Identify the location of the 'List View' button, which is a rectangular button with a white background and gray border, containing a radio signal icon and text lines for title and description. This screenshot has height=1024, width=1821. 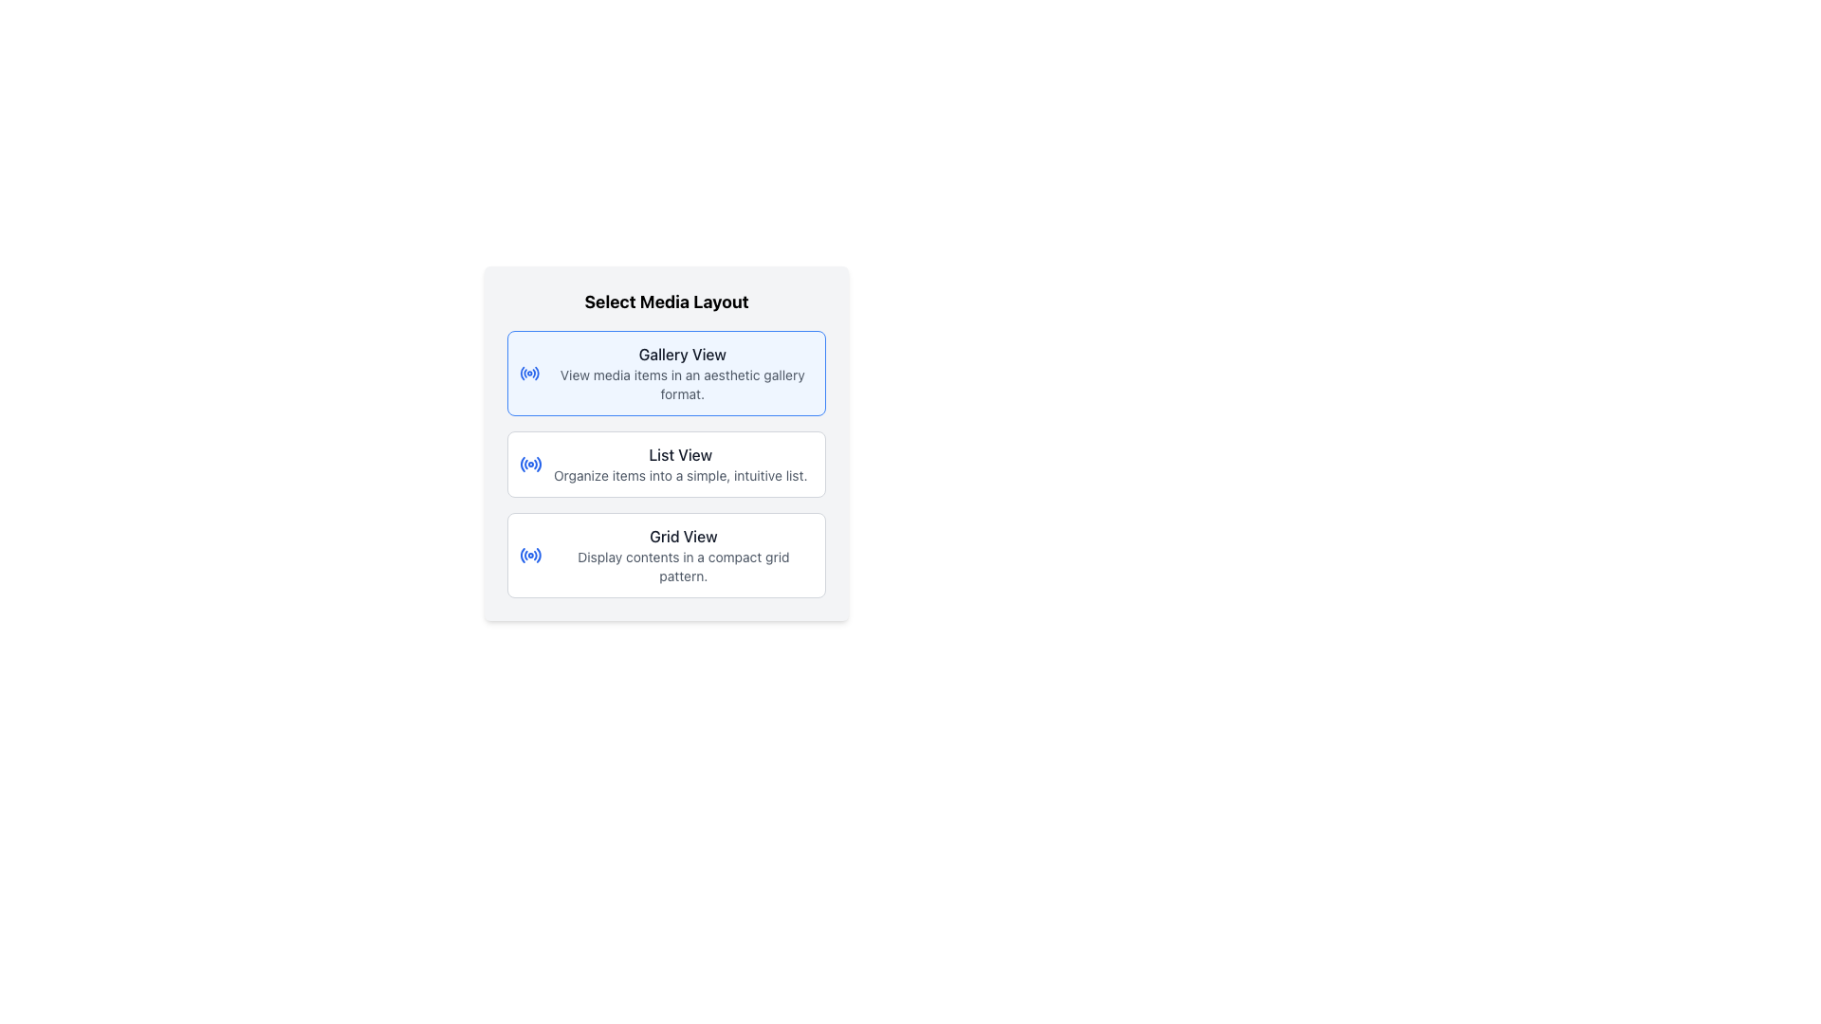
(666, 464).